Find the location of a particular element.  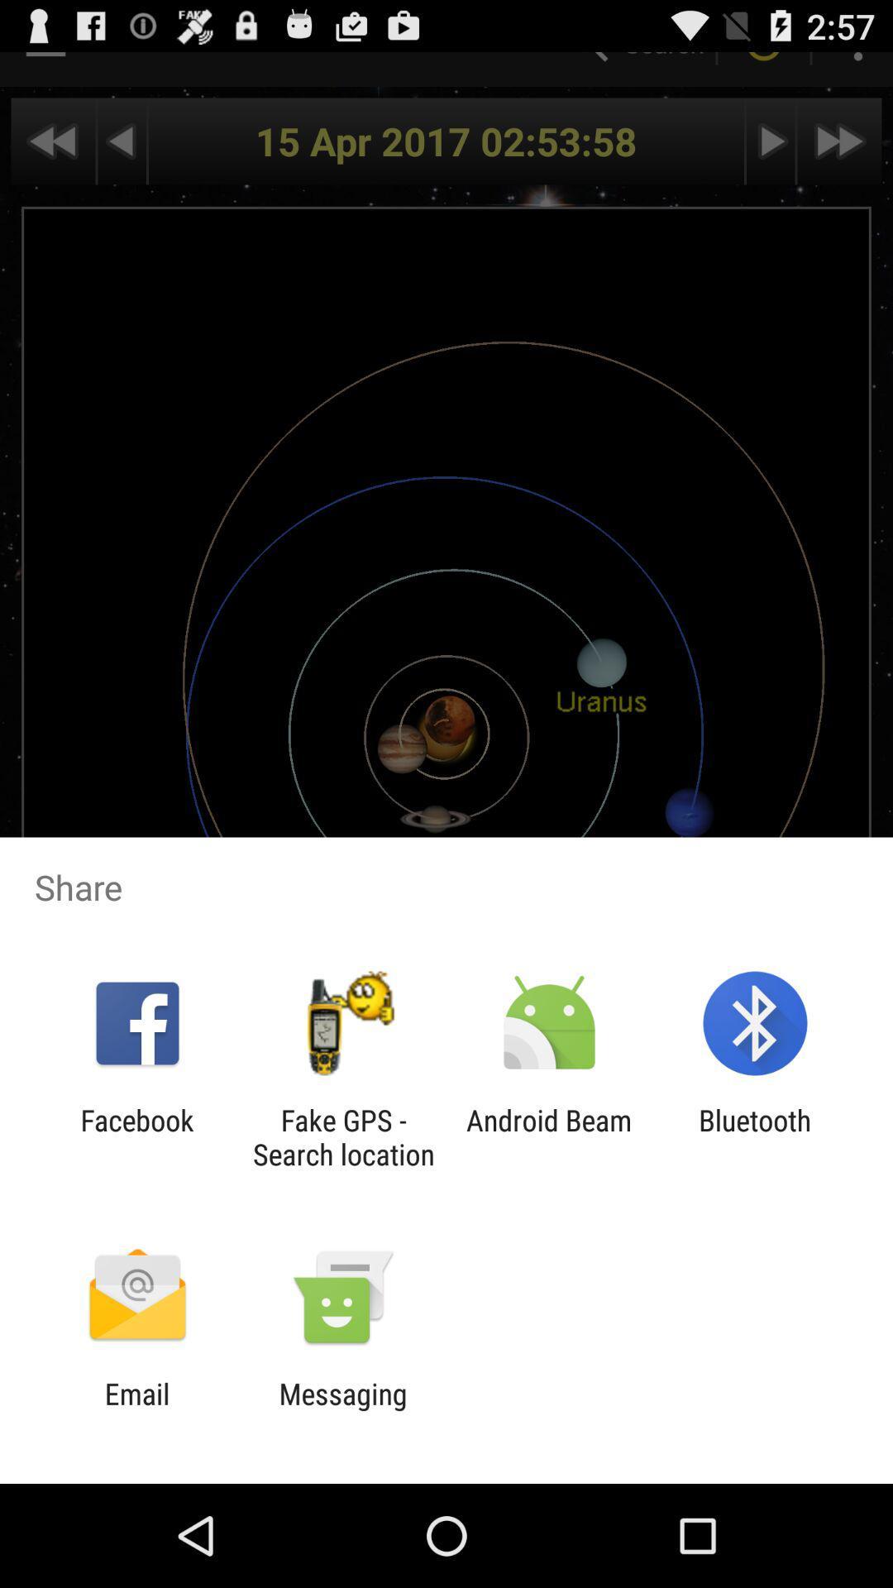

the facebook icon is located at coordinates (136, 1136).